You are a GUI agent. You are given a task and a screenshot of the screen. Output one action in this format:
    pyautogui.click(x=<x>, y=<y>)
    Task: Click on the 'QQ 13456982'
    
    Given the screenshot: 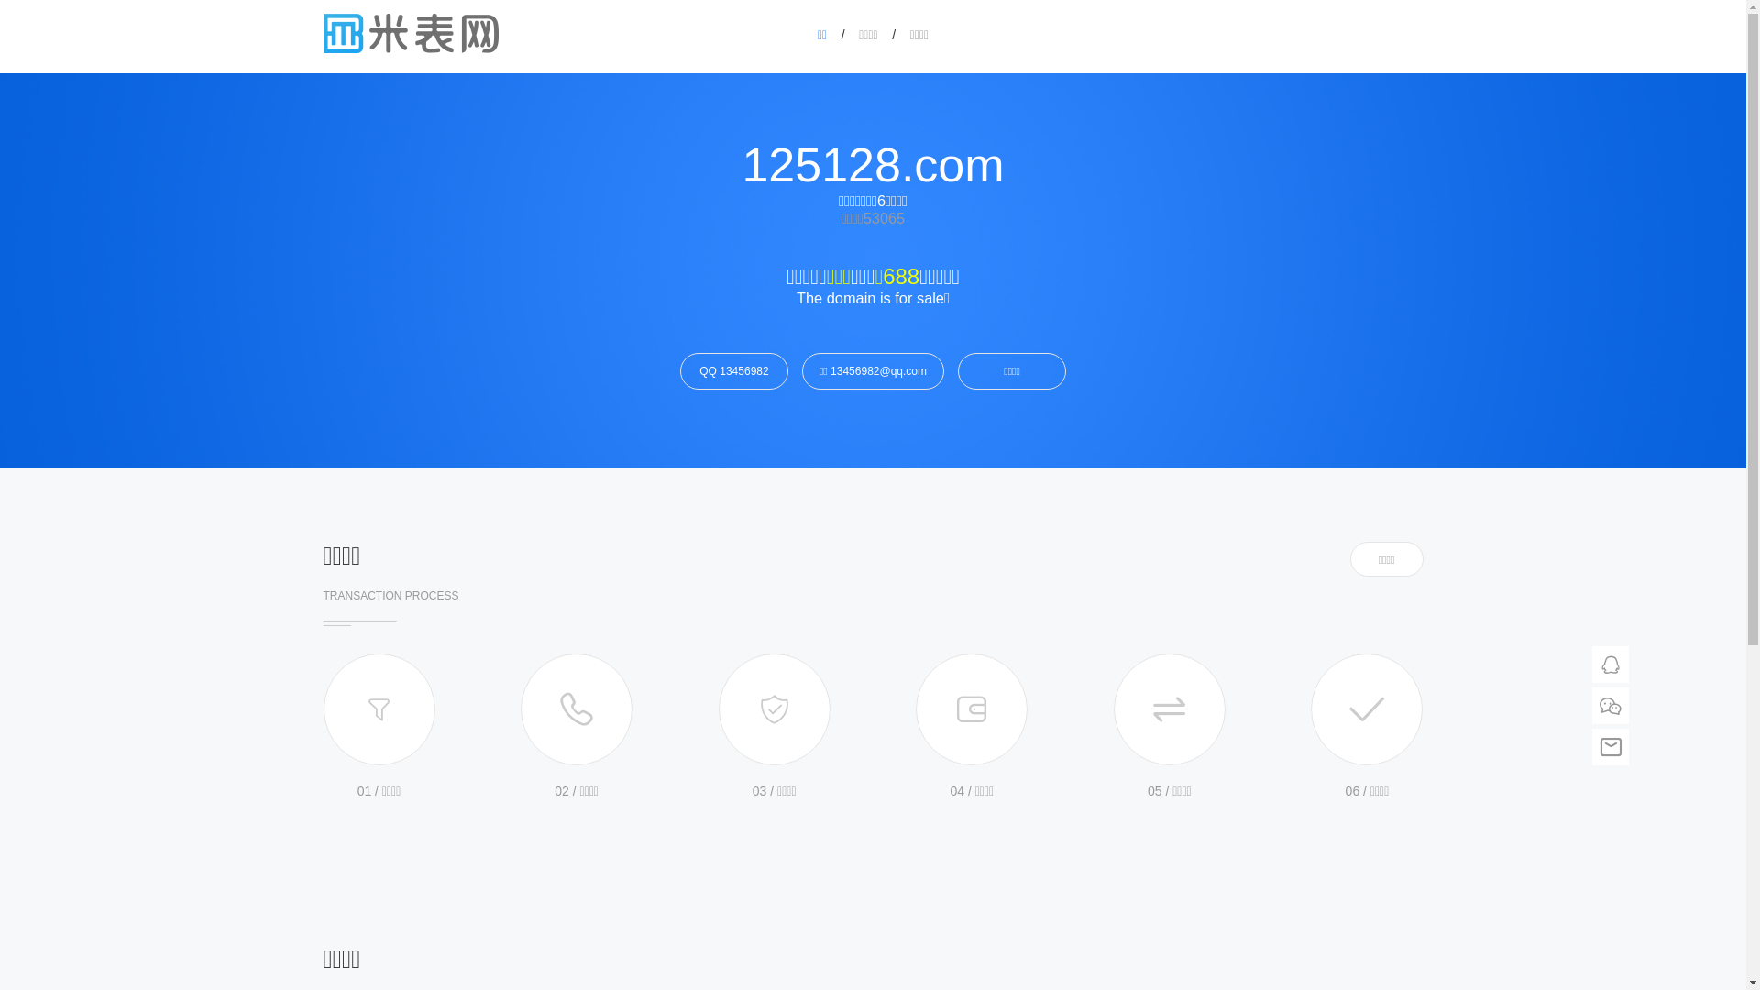 What is the action you would take?
    pyautogui.click(x=734, y=371)
    